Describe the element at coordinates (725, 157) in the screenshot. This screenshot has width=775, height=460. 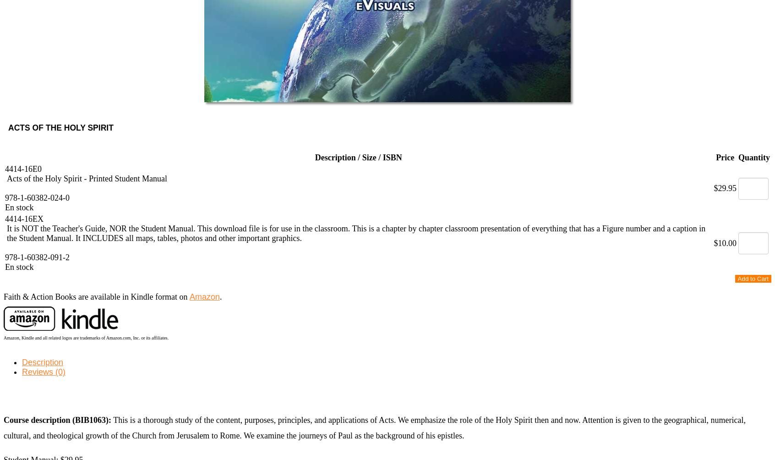
I see `'Price'` at that location.